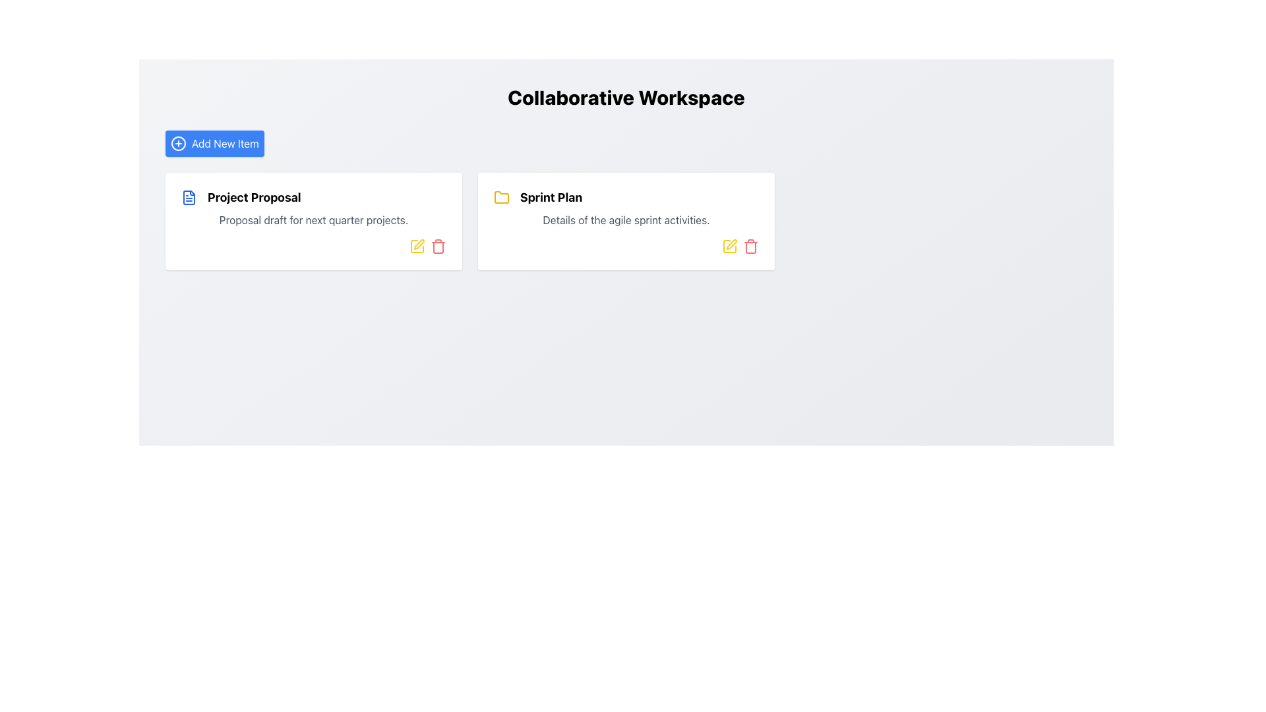  I want to click on the text block that reads 'Proposal draft for next quarter projects.' positioned below the title 'Project Proposal' within a white card, so click(313, 220).